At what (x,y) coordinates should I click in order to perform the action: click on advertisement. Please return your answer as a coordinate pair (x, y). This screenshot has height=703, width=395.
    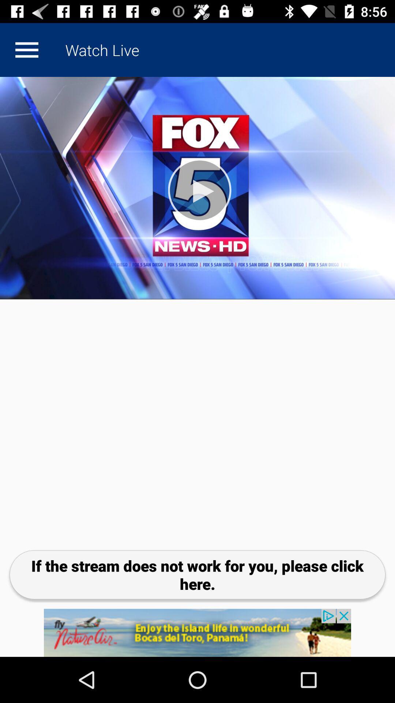
    Looking at the image, I should click on (197, 632).